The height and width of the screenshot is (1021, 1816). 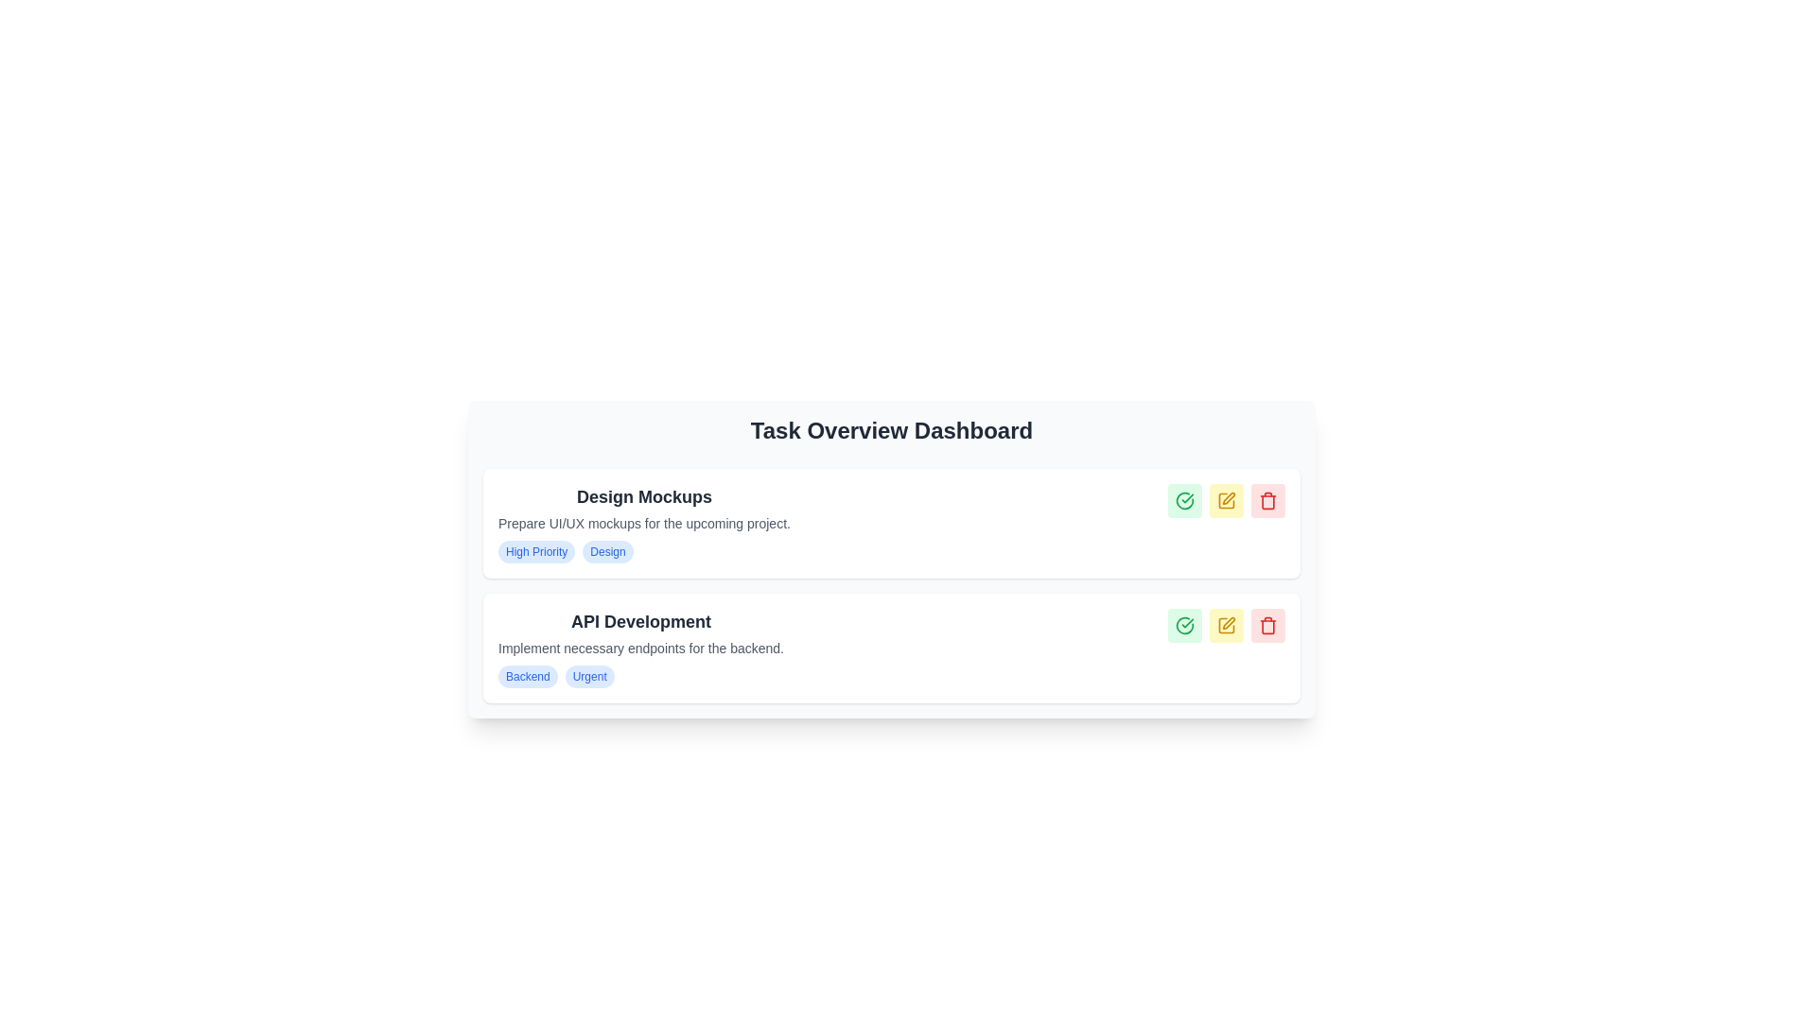 What do you see at coordinates (1226, 626) in the screenshot?
I see `the edit action button located in the horizontal row of action buttons to the right of the 'API Development' section` at bounding box center [1226, 626].